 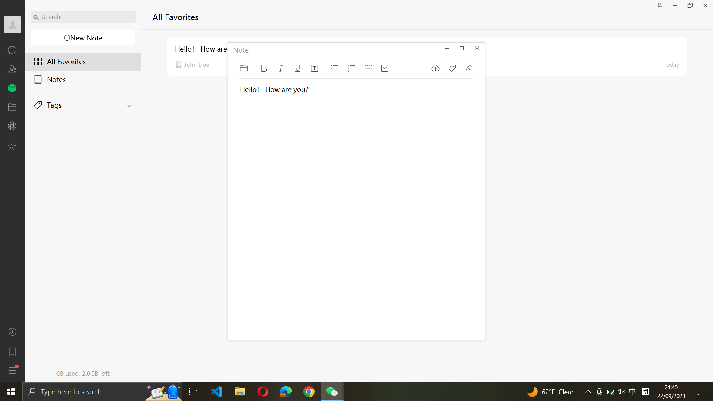 What do you see at coordinates (270, 217) in the screenshot?
I see `Type the sentence - "Remember to call mom on her birthday" into the open note and make it a checkbox item` at bounding box center [270, 217].